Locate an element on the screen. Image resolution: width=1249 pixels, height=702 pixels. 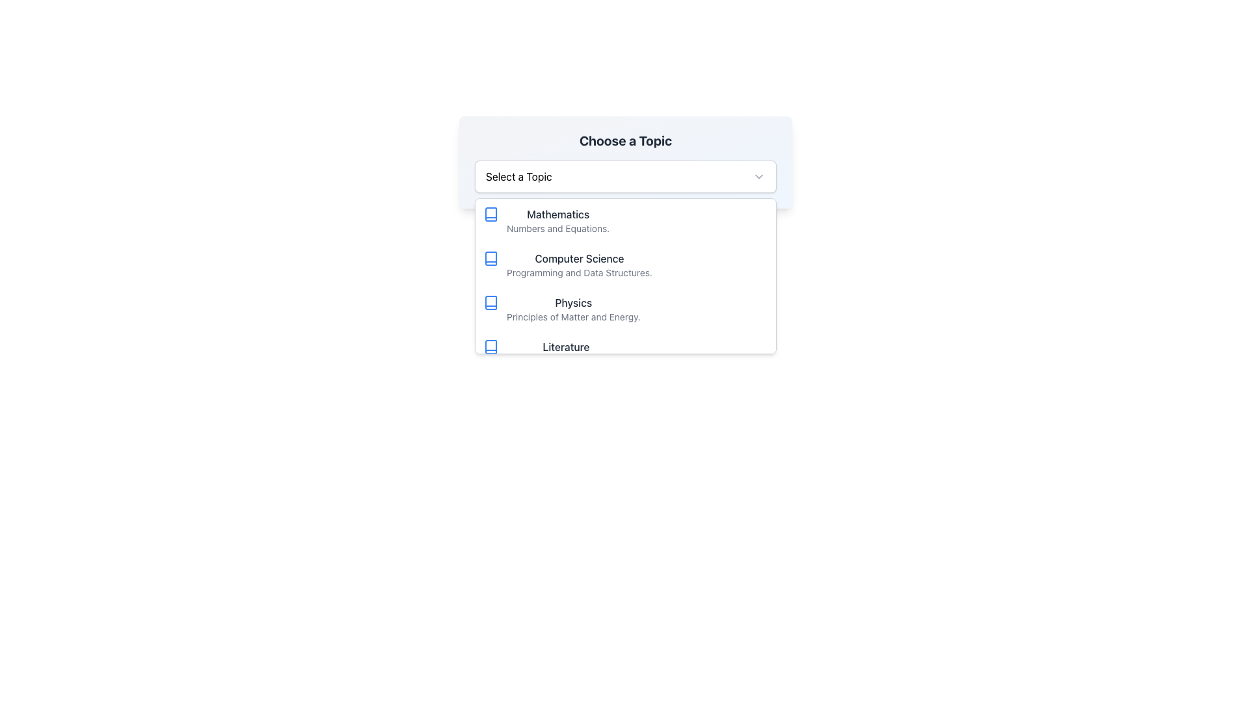
bold static text label displaying 'Physics' which is positioned above the description text 'Principles of Matter and Energy' in the dropdown list of the topic selection interface is located at coordinates (572, 303).